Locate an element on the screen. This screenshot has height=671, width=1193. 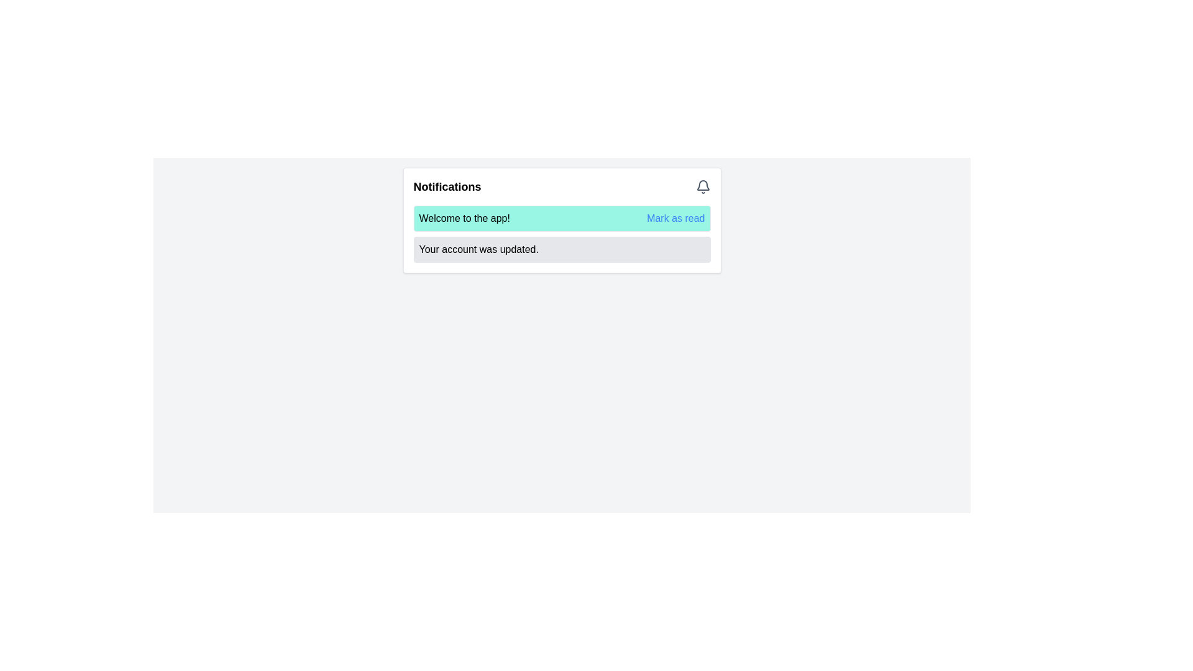
notification message displayed in the card that says 'Welcome to the app!' is located at coordinates (561, 217).